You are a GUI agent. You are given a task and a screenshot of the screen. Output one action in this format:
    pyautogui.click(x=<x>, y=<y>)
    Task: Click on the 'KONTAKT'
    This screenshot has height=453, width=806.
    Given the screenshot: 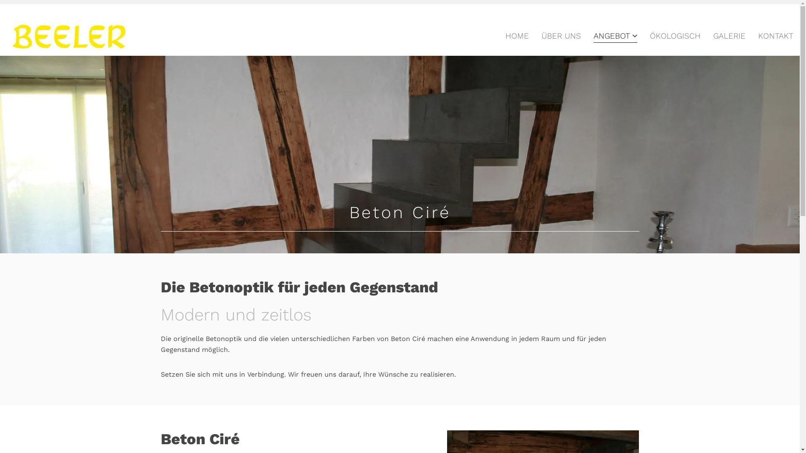 What is the action you would take?
    pyautogui.click(x=775, y=35)
    